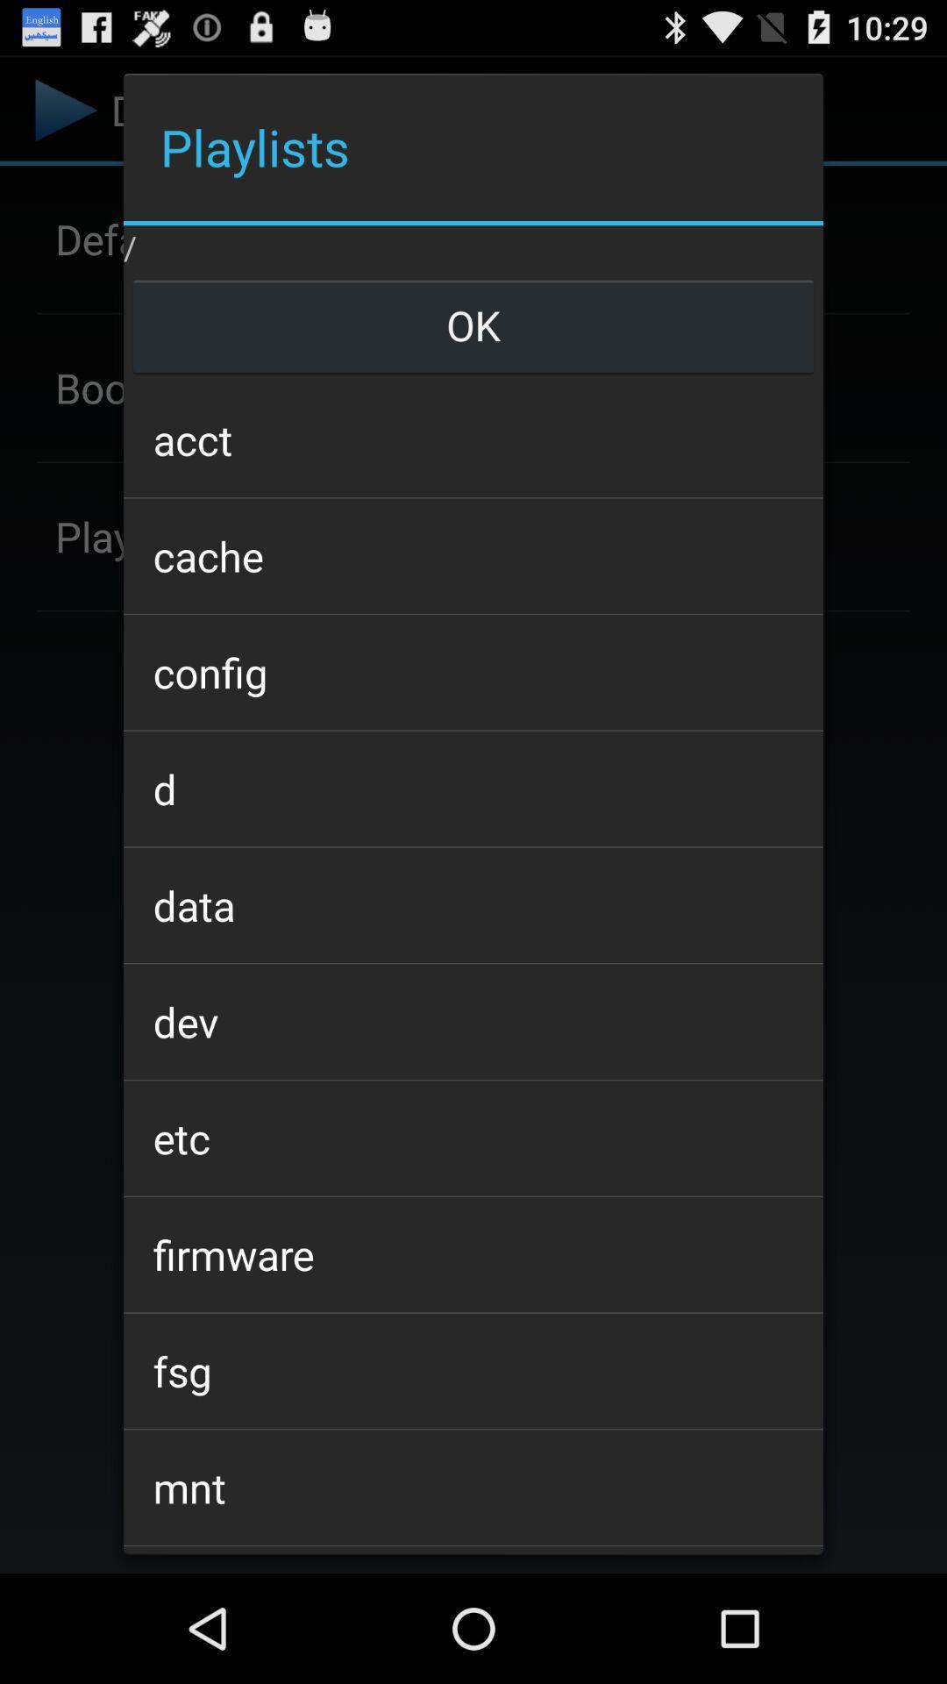 Image resolution: width=947 pixels, height=1684 pixels. What do you see at coordinates (473, 439) in the screenshot?
I see `the item above the cache icon` at bounding box center [473, 439].